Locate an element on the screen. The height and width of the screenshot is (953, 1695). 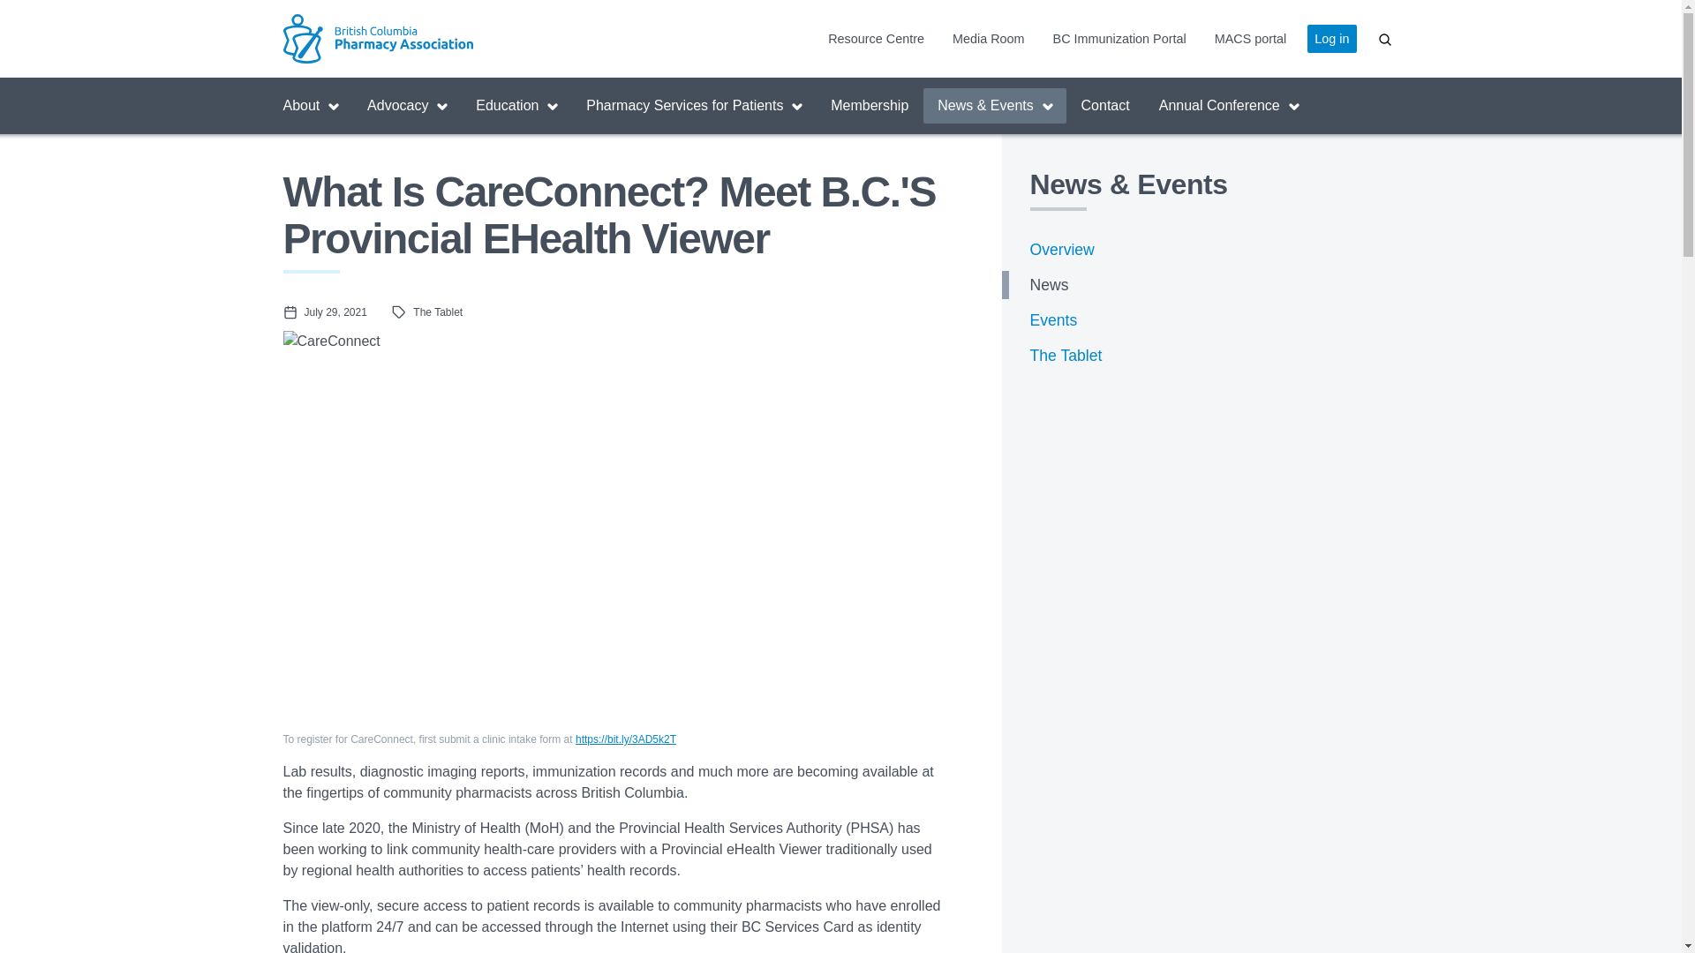
'BC Immunization Portal' is located at coordinates (1119, 38).